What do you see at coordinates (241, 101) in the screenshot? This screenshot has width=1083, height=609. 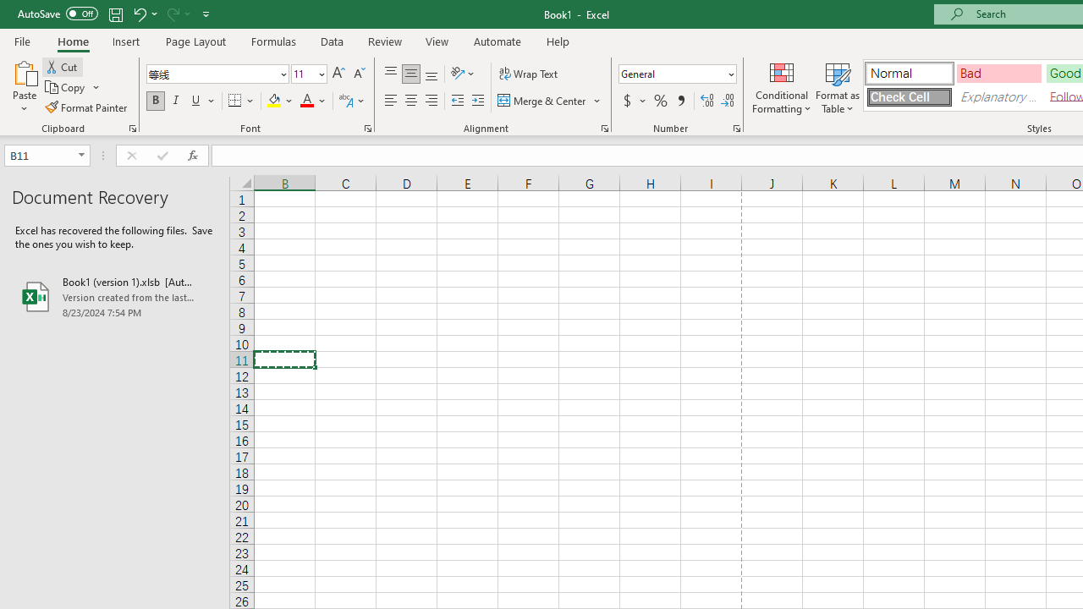 I see `'Borders'` at bounding box center [241, 101].